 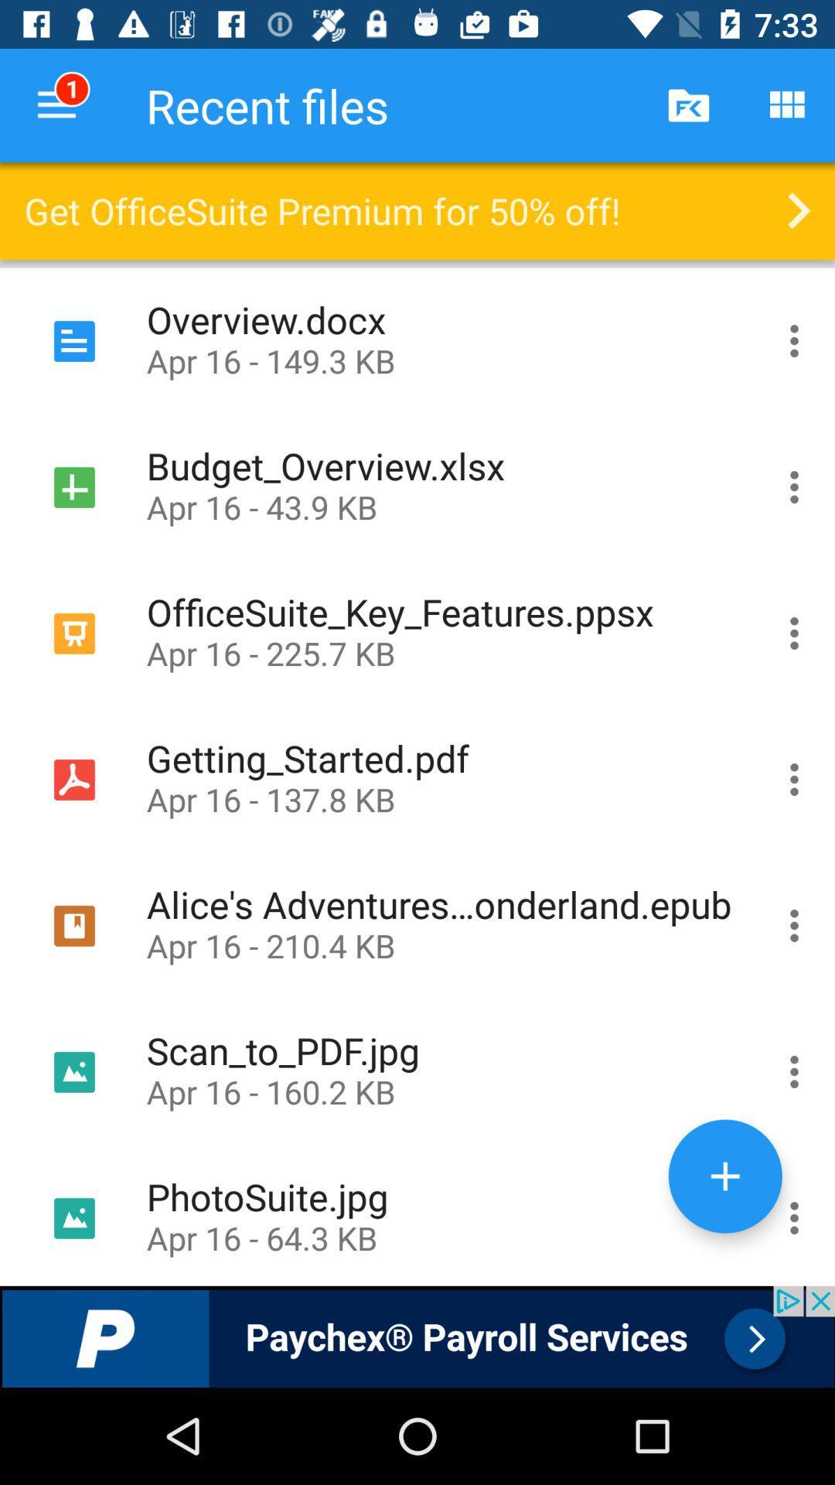 What do you see at coordinates (725, 1176) in the screenshot?
I see `more` at bounding box center [725, 1176].